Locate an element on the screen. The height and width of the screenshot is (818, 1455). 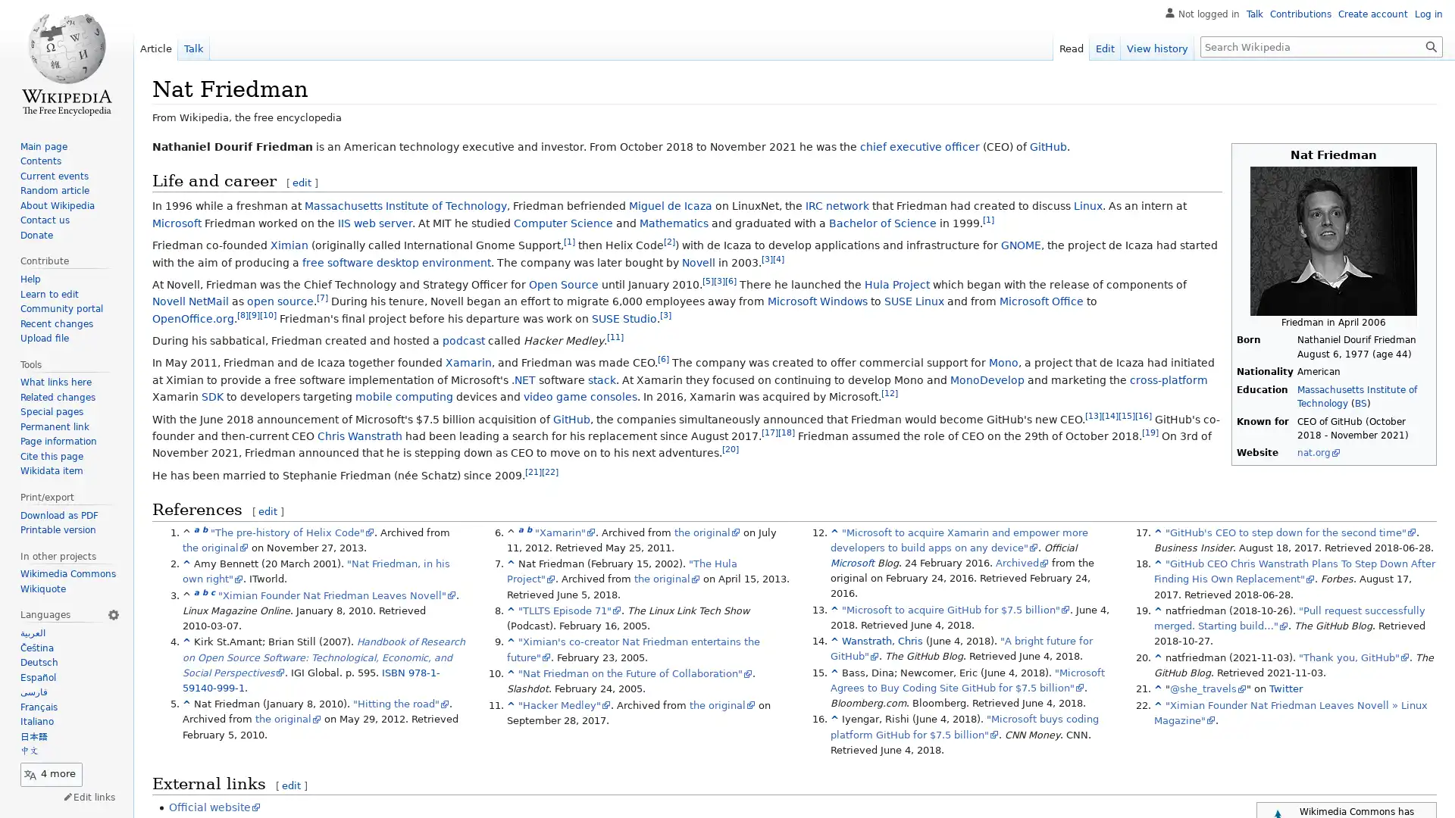
Search is located at coordinates (1431, 45).